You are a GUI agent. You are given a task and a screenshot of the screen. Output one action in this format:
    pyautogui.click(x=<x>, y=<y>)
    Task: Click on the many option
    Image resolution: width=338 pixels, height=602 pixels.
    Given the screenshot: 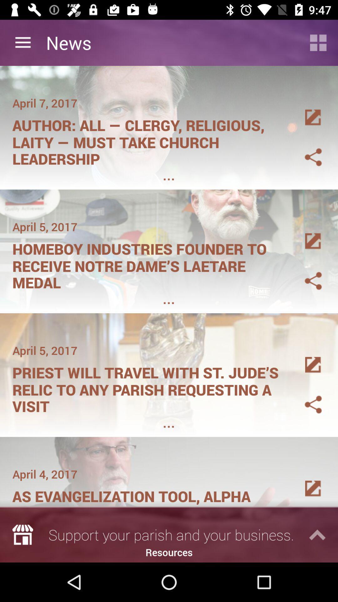 What is the action you would take?
    pyautogui.click(x=305, y=110)
    